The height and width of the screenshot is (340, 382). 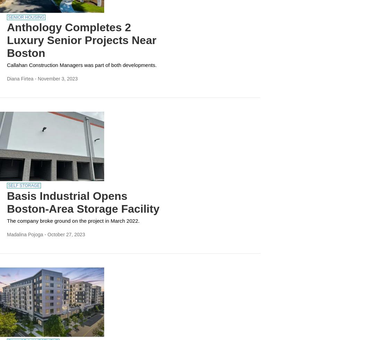 What do you see at coordinates (26, 17) in the screenshot?
I see `'Senior Housing'` at bounding box center [26, 17].